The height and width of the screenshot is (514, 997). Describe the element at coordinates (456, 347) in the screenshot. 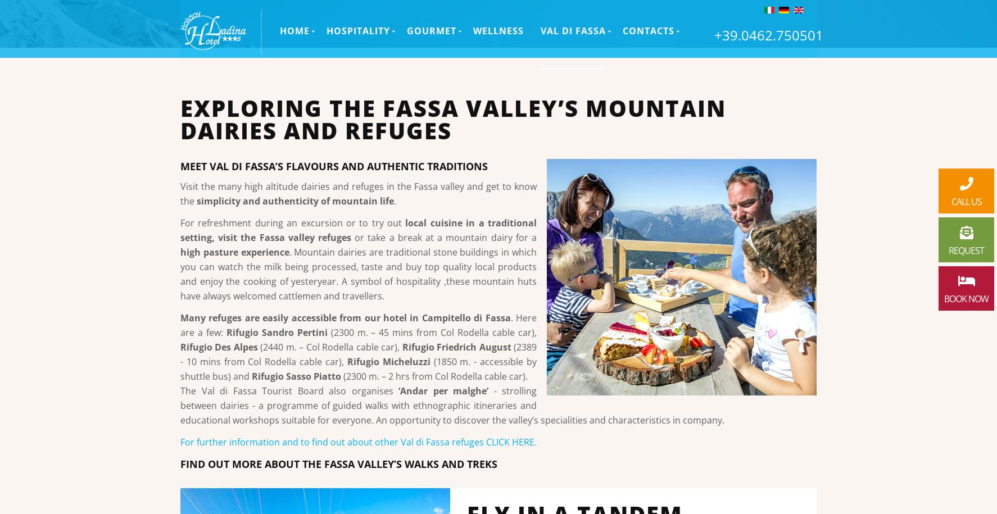

I see `'Rifugio Friedrich August'` at that location.